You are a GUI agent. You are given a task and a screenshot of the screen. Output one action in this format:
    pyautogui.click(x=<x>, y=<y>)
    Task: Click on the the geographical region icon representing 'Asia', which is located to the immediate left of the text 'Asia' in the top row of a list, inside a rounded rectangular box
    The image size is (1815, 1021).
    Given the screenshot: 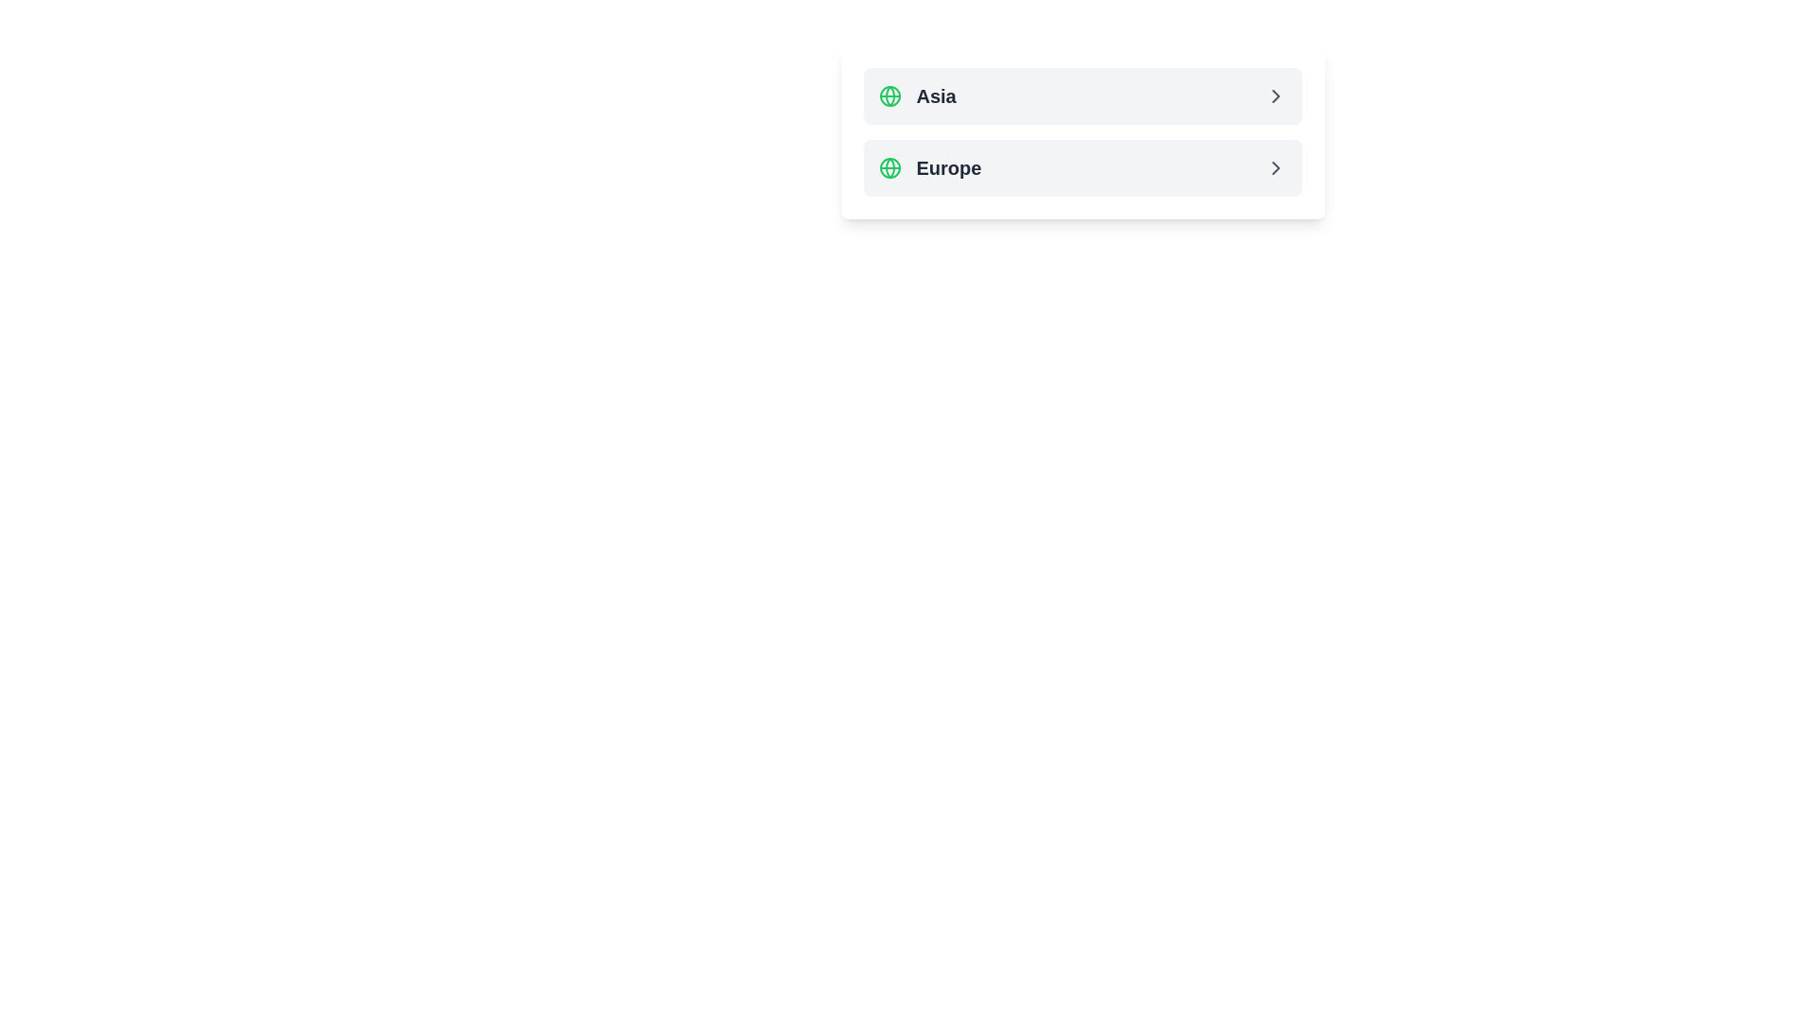 What is the action you would take?
    pyautogui.click(x=889, y=95)
    